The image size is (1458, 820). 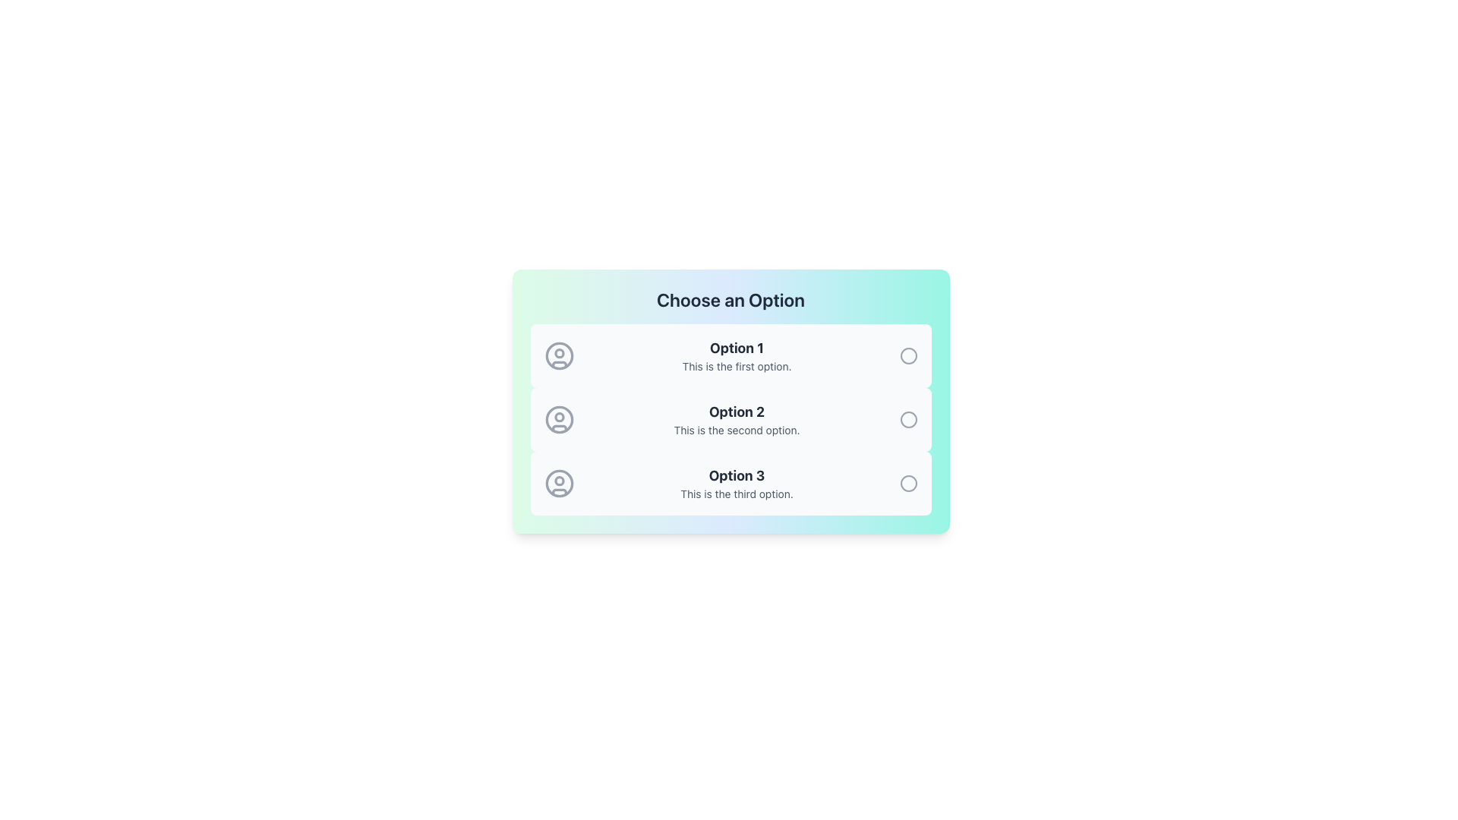 I want to click on the title text label of the first option in the vertical list, which is positioned above the description text and adjacent to the option icon, so click(x=737, y=348).